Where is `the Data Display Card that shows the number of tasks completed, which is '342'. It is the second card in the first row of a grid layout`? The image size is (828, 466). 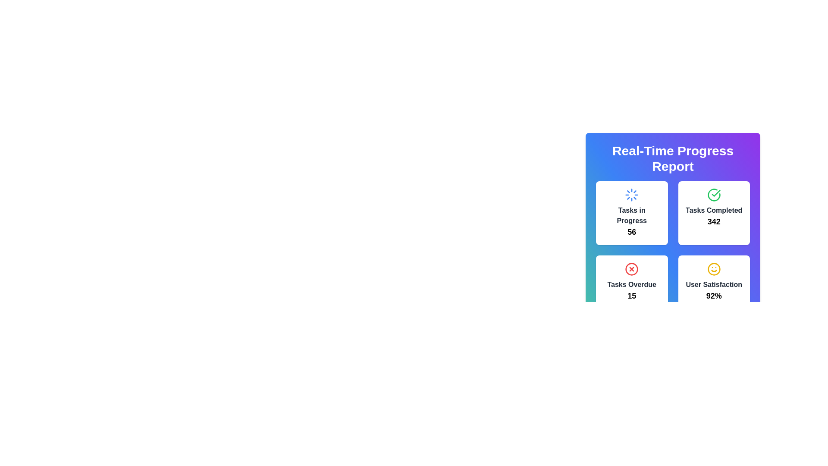
the Data Display Card that shows the number of tasks completed, which is '342'. It is the second card in the first row of a grid layout is located at coordinates (714, 213).